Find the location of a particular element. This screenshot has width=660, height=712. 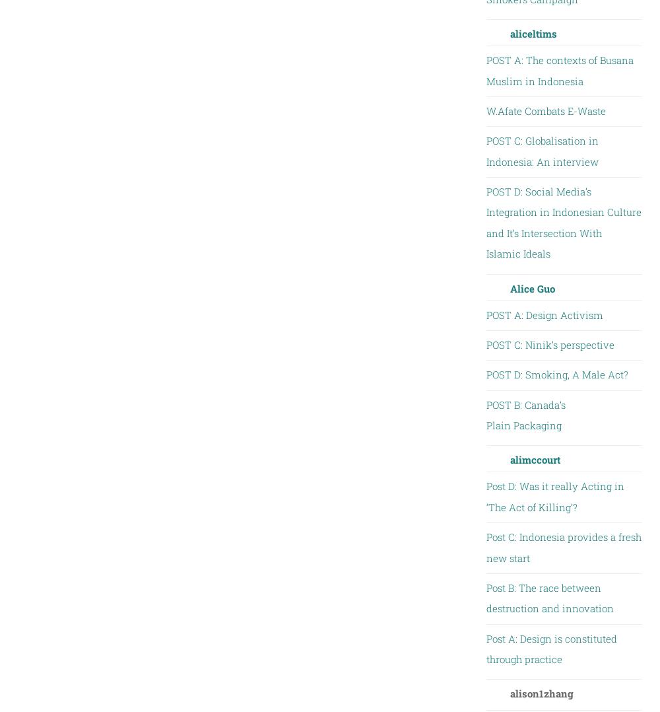

'aliceltims' is located at coordinates (533, 33).